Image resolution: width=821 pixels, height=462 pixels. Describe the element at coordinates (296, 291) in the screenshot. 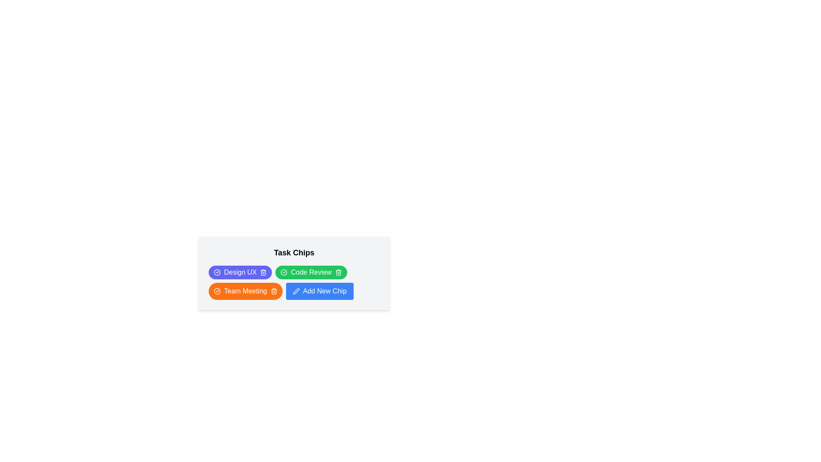

I see `the pen icon located on the left side of the 'Add New Chip' button, which is rendered in white on a blue background` at that location.